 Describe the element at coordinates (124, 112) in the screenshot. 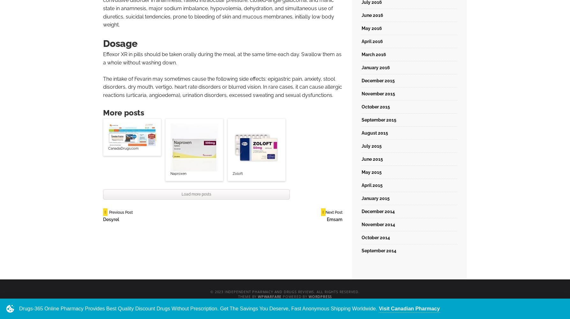

I see `'More posts'` at that location.